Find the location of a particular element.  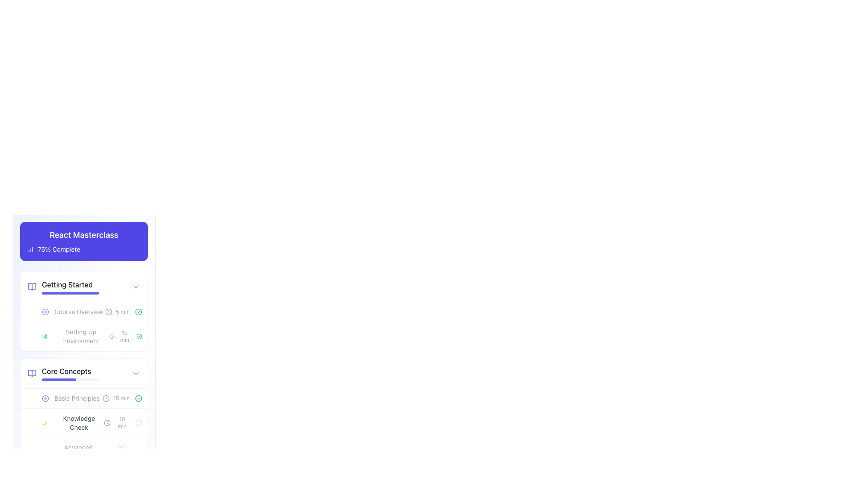

the 'Knowledge Check' text label located in the lower left section under 'Core Concepts' and following 'Basic Principles' is located at coordinates (79, 423).